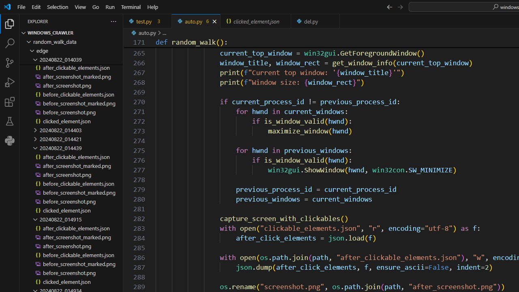  What do you see at coordinates (10, 101) in the screenshot?
I see `'Extensions (Ctrl+Shift+X)'` at bounding box center [10, 101].